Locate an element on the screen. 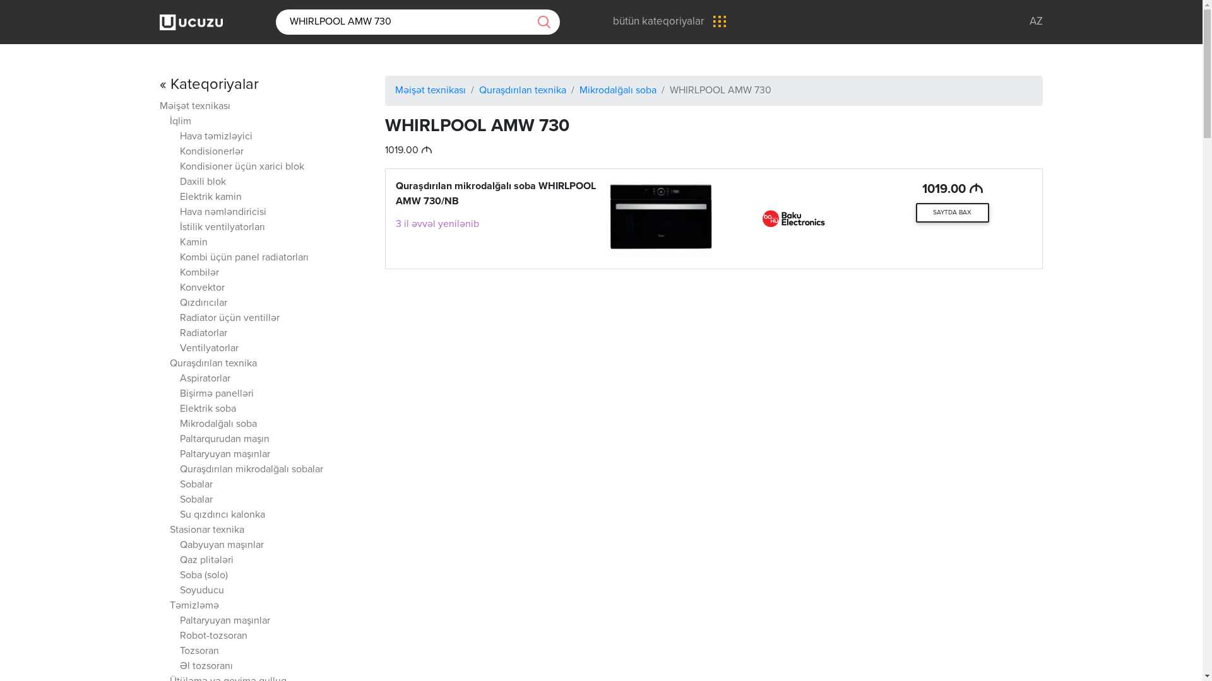  'Soba (solo)' is located at coordinates (179, 576).